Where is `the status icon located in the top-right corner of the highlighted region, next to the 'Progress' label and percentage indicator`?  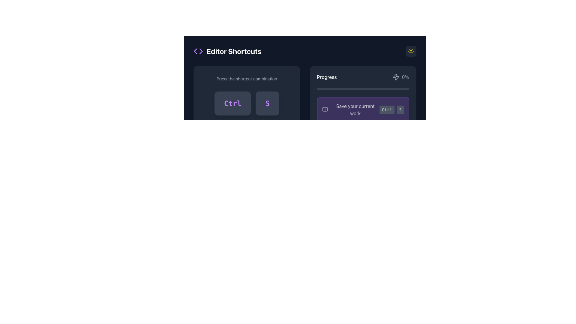 the status icon located in the top-right corner of the highlighted region, next to the 'Progress' label and percentage indicator is located at coordinates (396, 77).